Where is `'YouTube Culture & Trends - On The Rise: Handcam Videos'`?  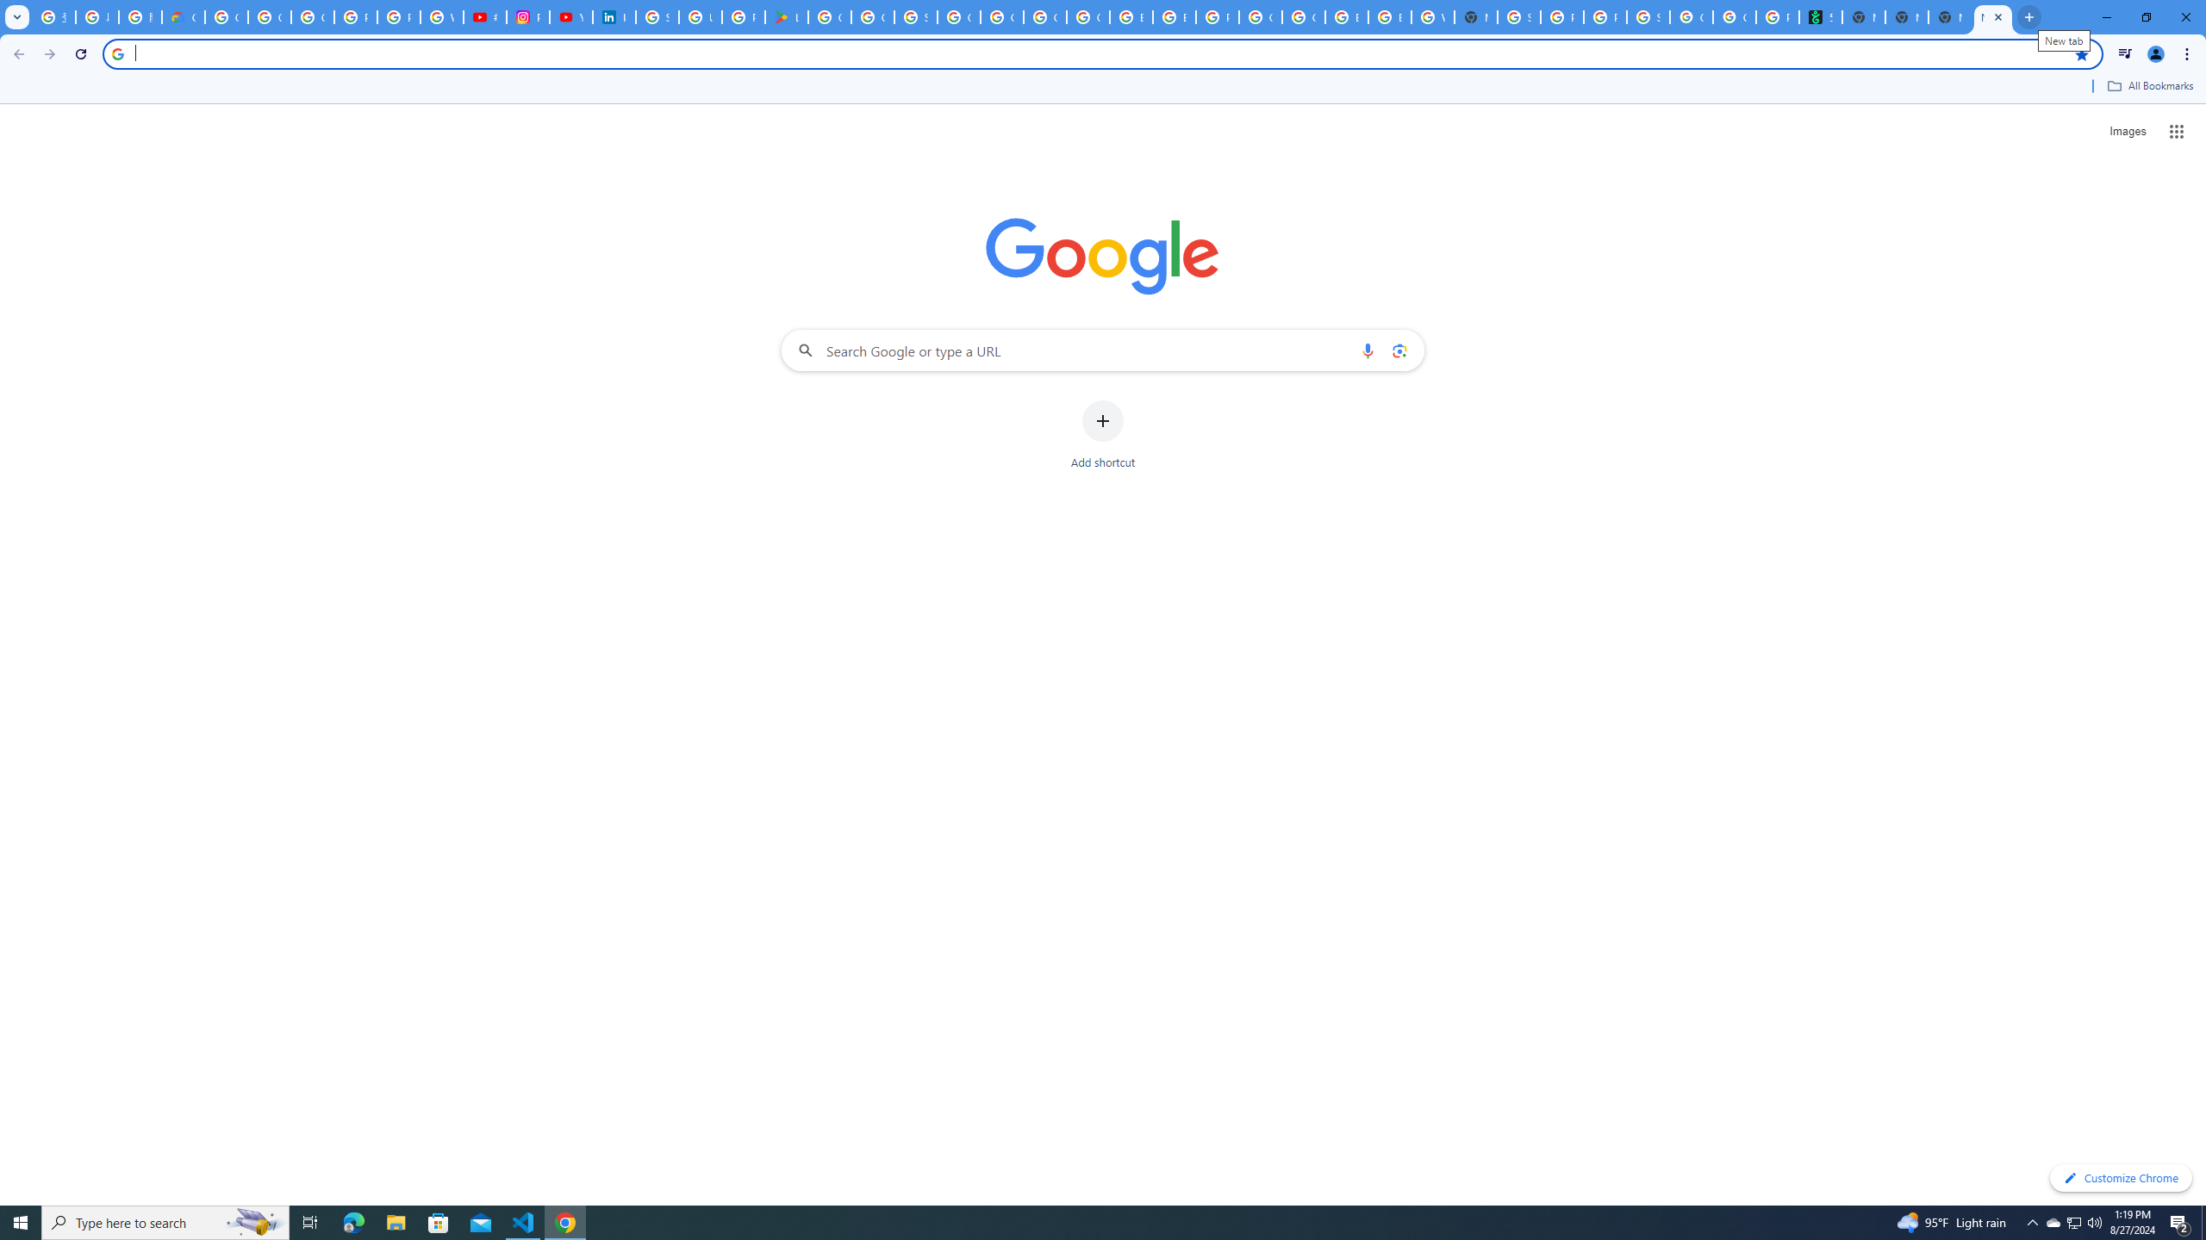 'YouTube Culture & Trends - On The Rise: Handcam Videos' is located at coordinates (571, 16).